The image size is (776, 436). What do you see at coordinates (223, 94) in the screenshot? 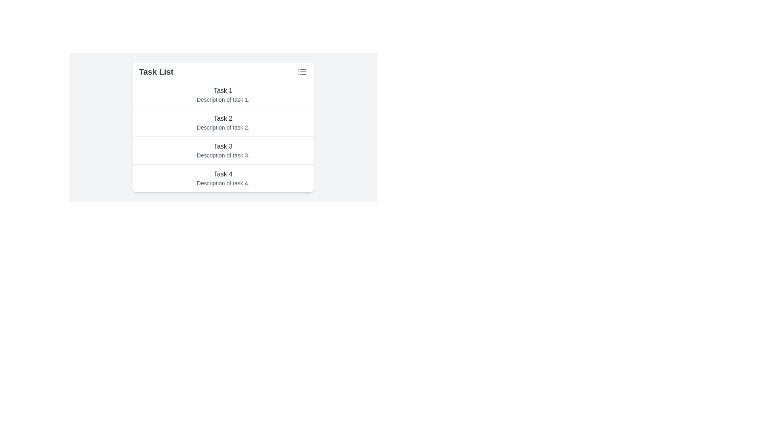
I see `description of the first list item labeled 'Task 1' with the description 'Description of task 1.'` at bounding box center [223, 94].